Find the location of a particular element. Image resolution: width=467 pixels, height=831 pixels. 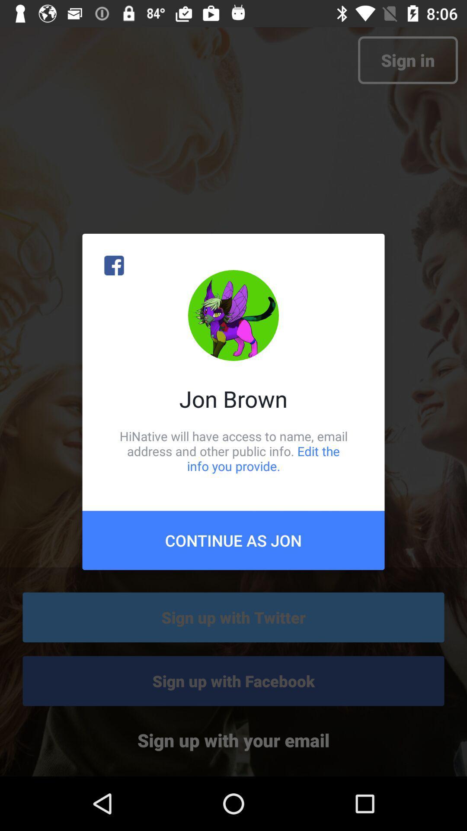

continue as jon icon is located at coordinates (233, 540).